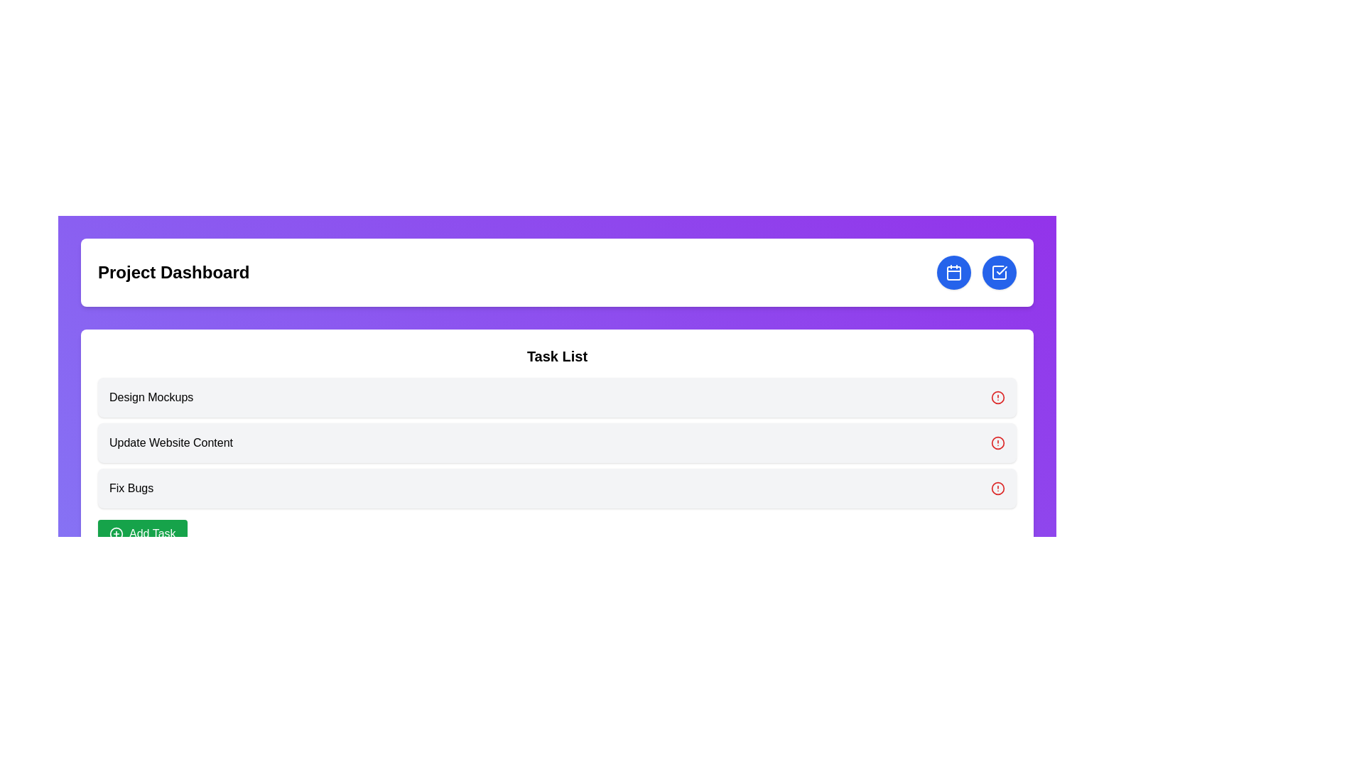 The width and height of the screenshot is (1364, 767). Describe the element at coordinates (556, 442) in the screenshot. I see `the second task item` at that location.